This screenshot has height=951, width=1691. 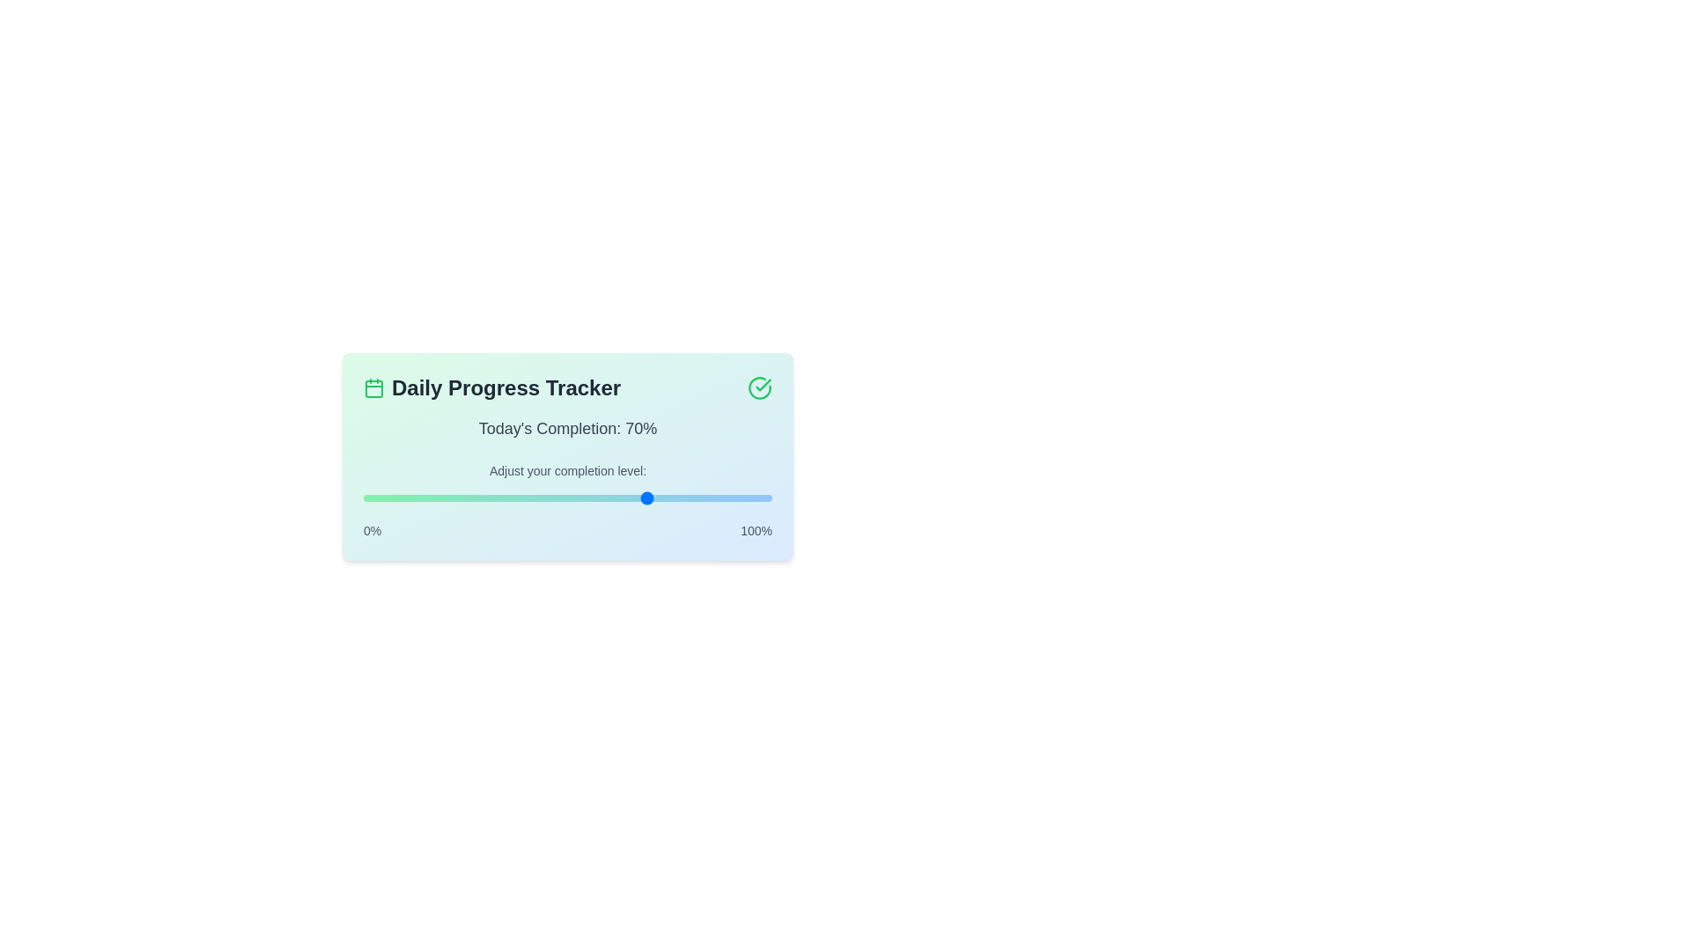 I want to click on the progress level to 49%, so click(x=564, y=498).